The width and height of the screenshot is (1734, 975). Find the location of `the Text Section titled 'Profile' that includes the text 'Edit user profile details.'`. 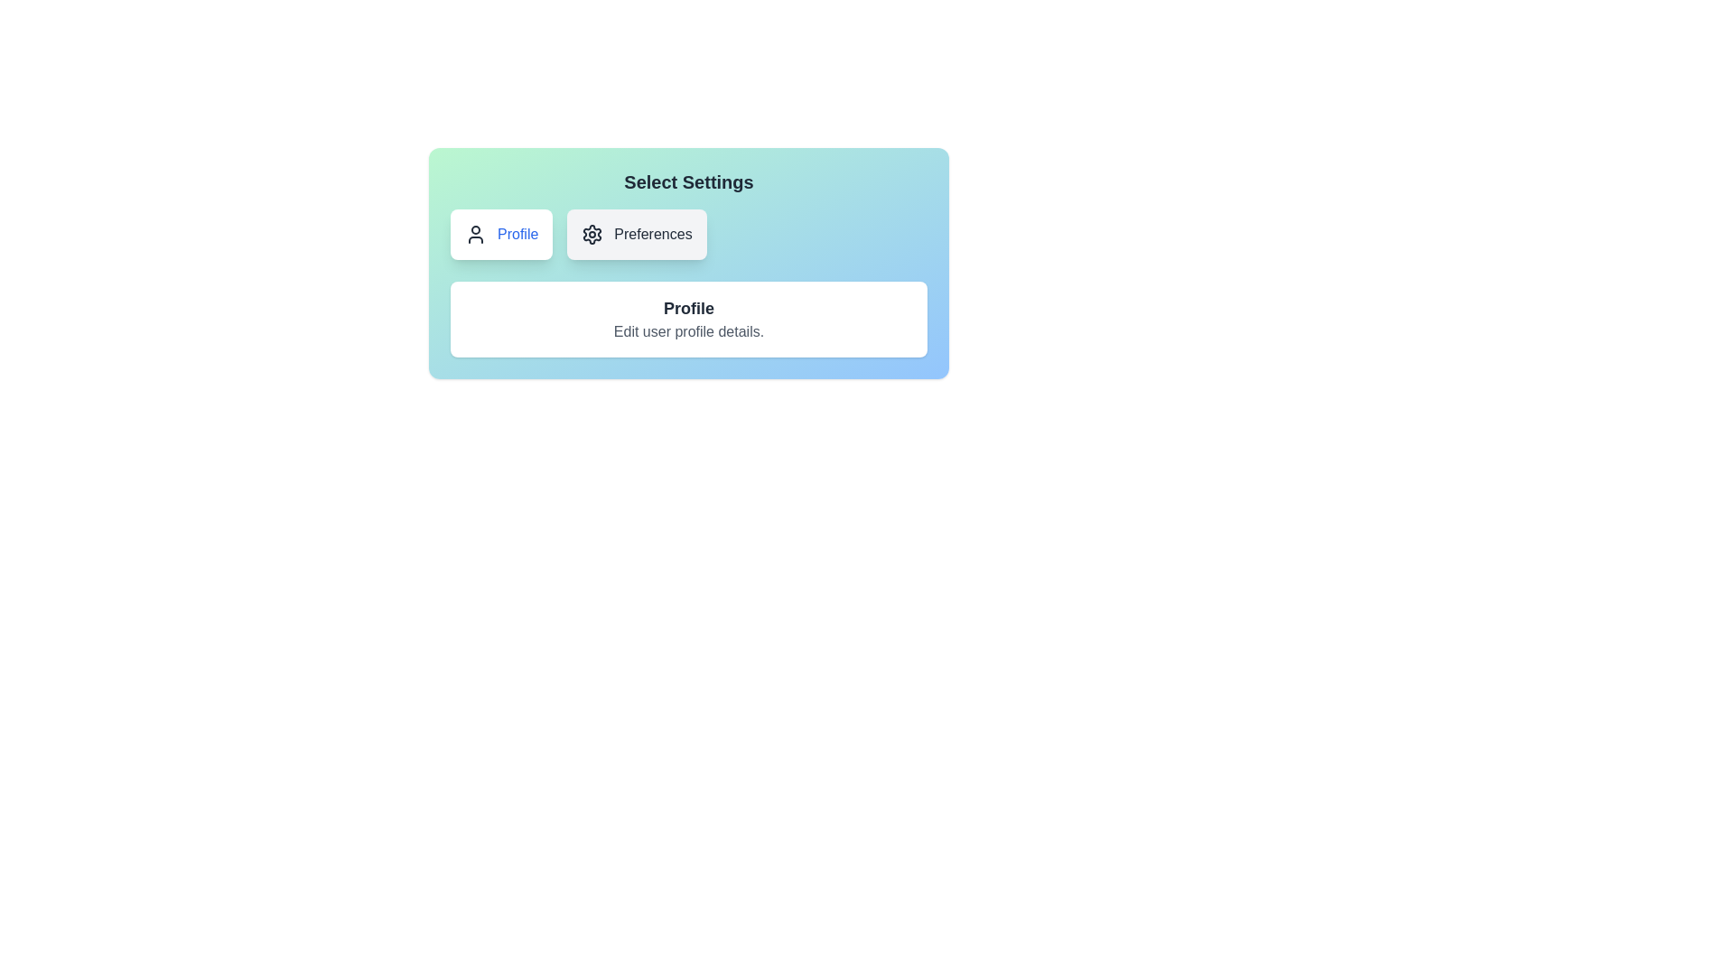

the Text Section titled 'Profile' that includes the text 'Edit user profile details.' is located at coordinates (688, 319).